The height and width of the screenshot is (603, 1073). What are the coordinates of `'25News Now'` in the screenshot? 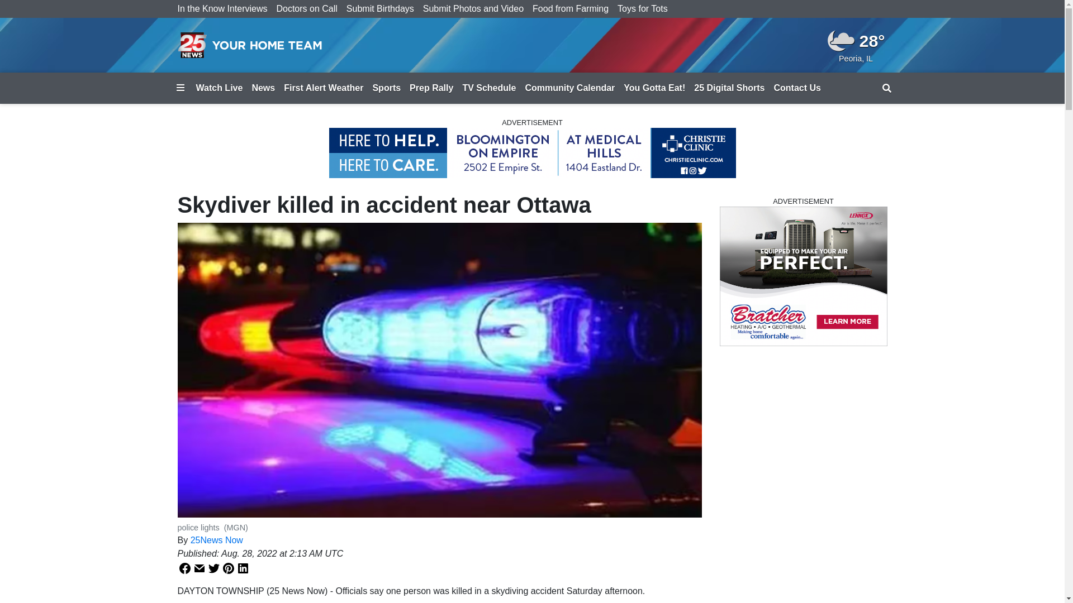 It's located at (217, 539).